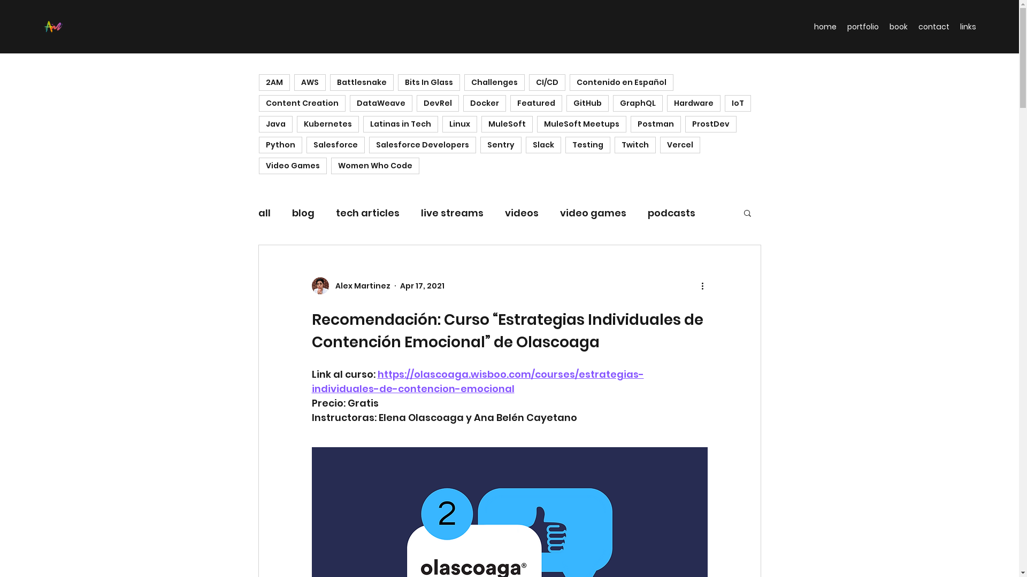 Image resolution: width=1027 pixels, height=577 pixels. Describe the element at coordinates (586, 103) in the screenshot. I see `'GitHub'` at that location.